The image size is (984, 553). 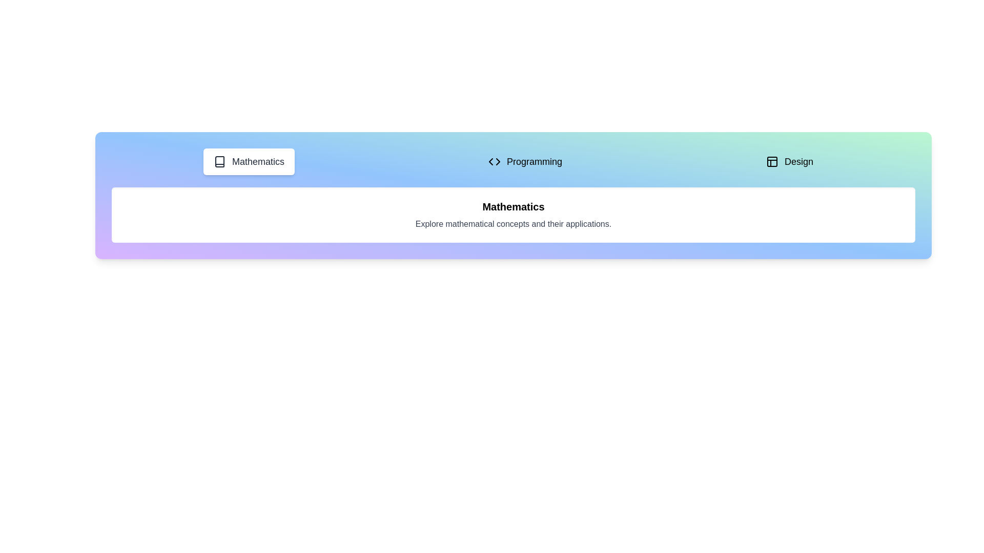 I want to click on the button corresponding to the module Design, so click(x=789, y=161).